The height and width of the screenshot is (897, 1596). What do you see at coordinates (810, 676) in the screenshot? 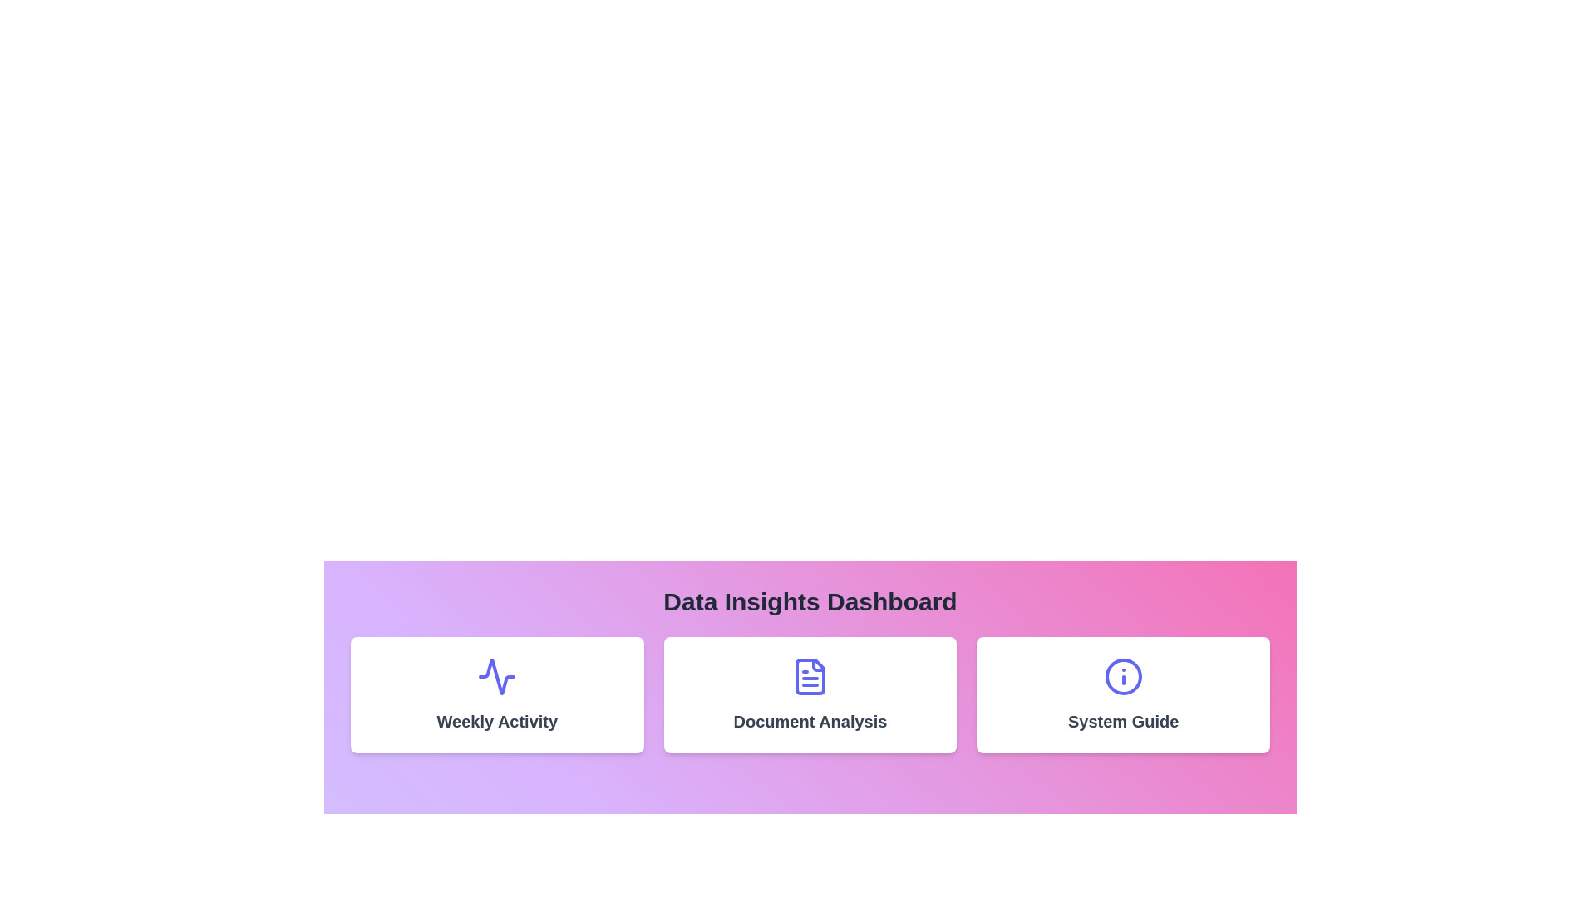
I see `the SVG icon of a document sheet with text lines, styled in bold indigo color, located above the label 'Document Analysis' in the centered card` at bounding box center [810, 676].